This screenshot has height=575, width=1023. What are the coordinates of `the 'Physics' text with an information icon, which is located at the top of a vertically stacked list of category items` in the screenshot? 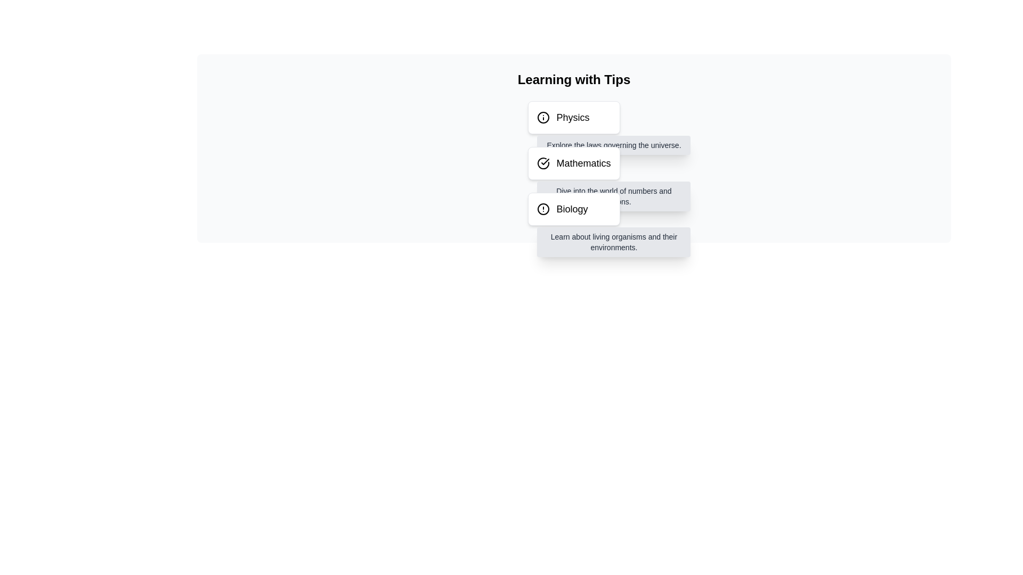 It's located at (573, 117).